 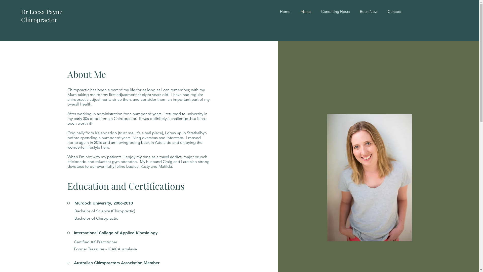 What do you see at coordinates (21, 11) in the screenshot?
I see `'Dr Leesa Payne'` at bounding box center [21, 11].